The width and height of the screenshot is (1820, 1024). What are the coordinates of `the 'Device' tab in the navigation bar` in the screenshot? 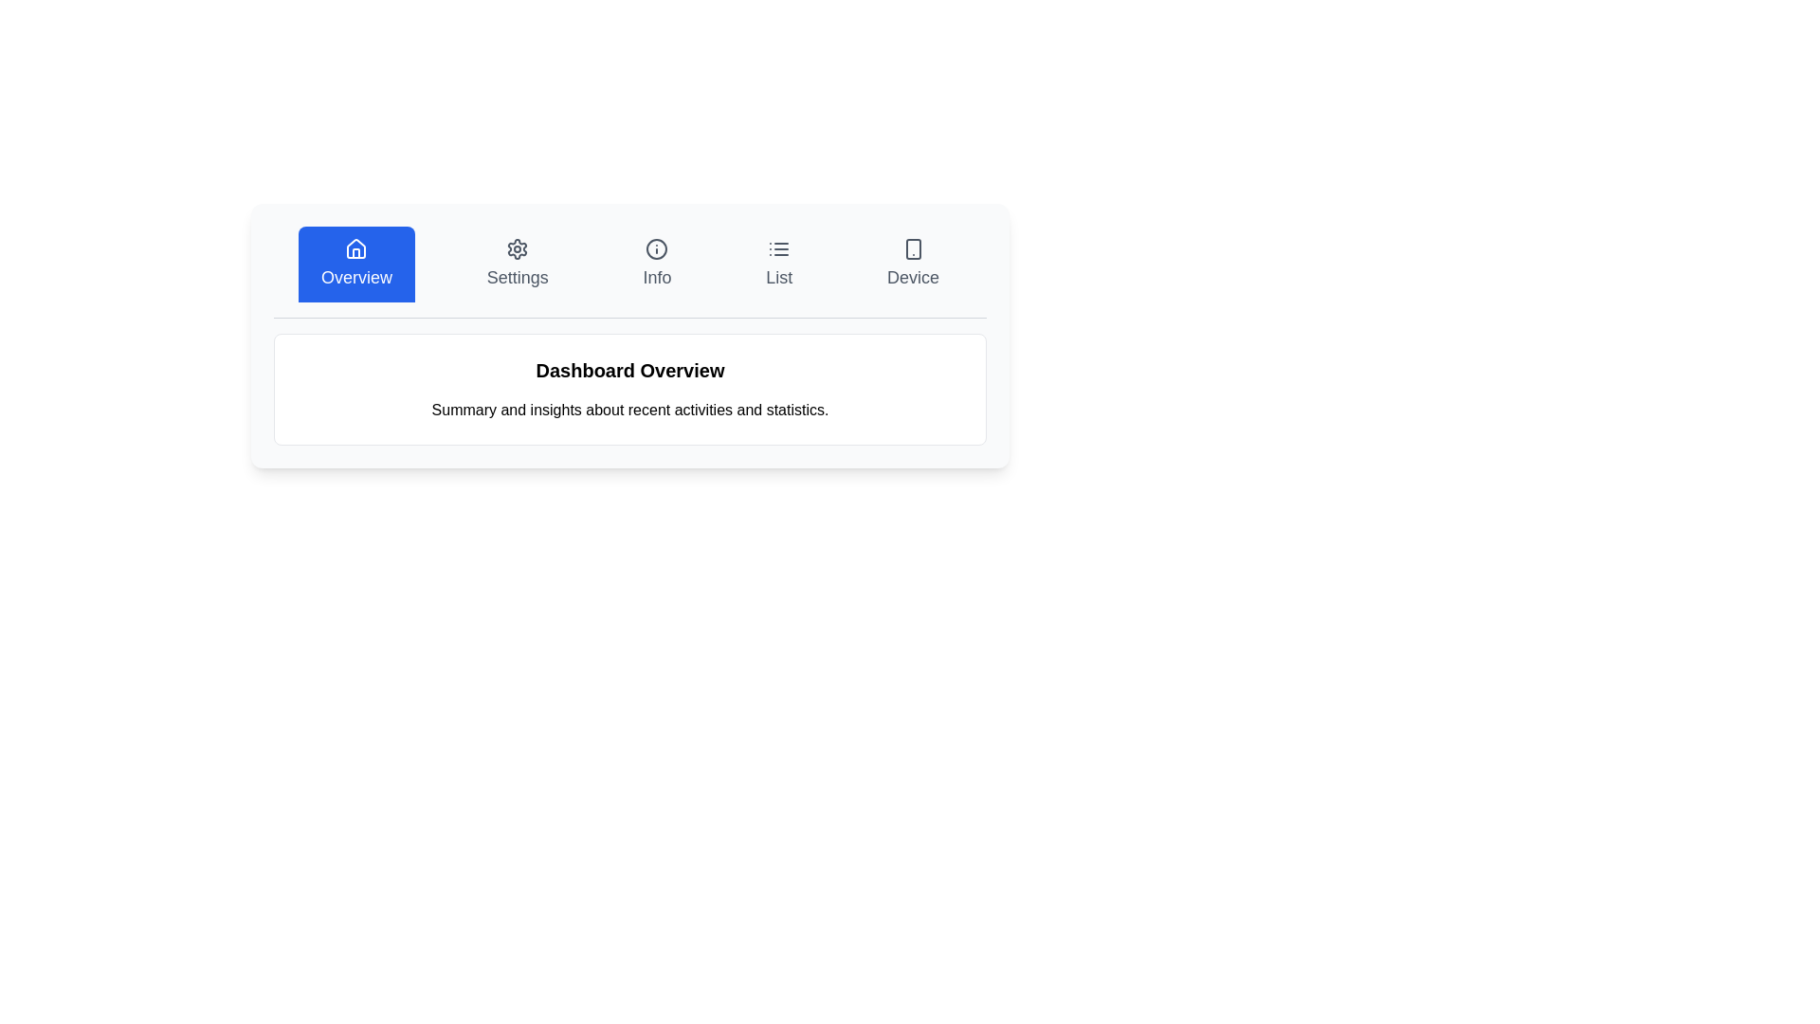 It's located at (913, 264).